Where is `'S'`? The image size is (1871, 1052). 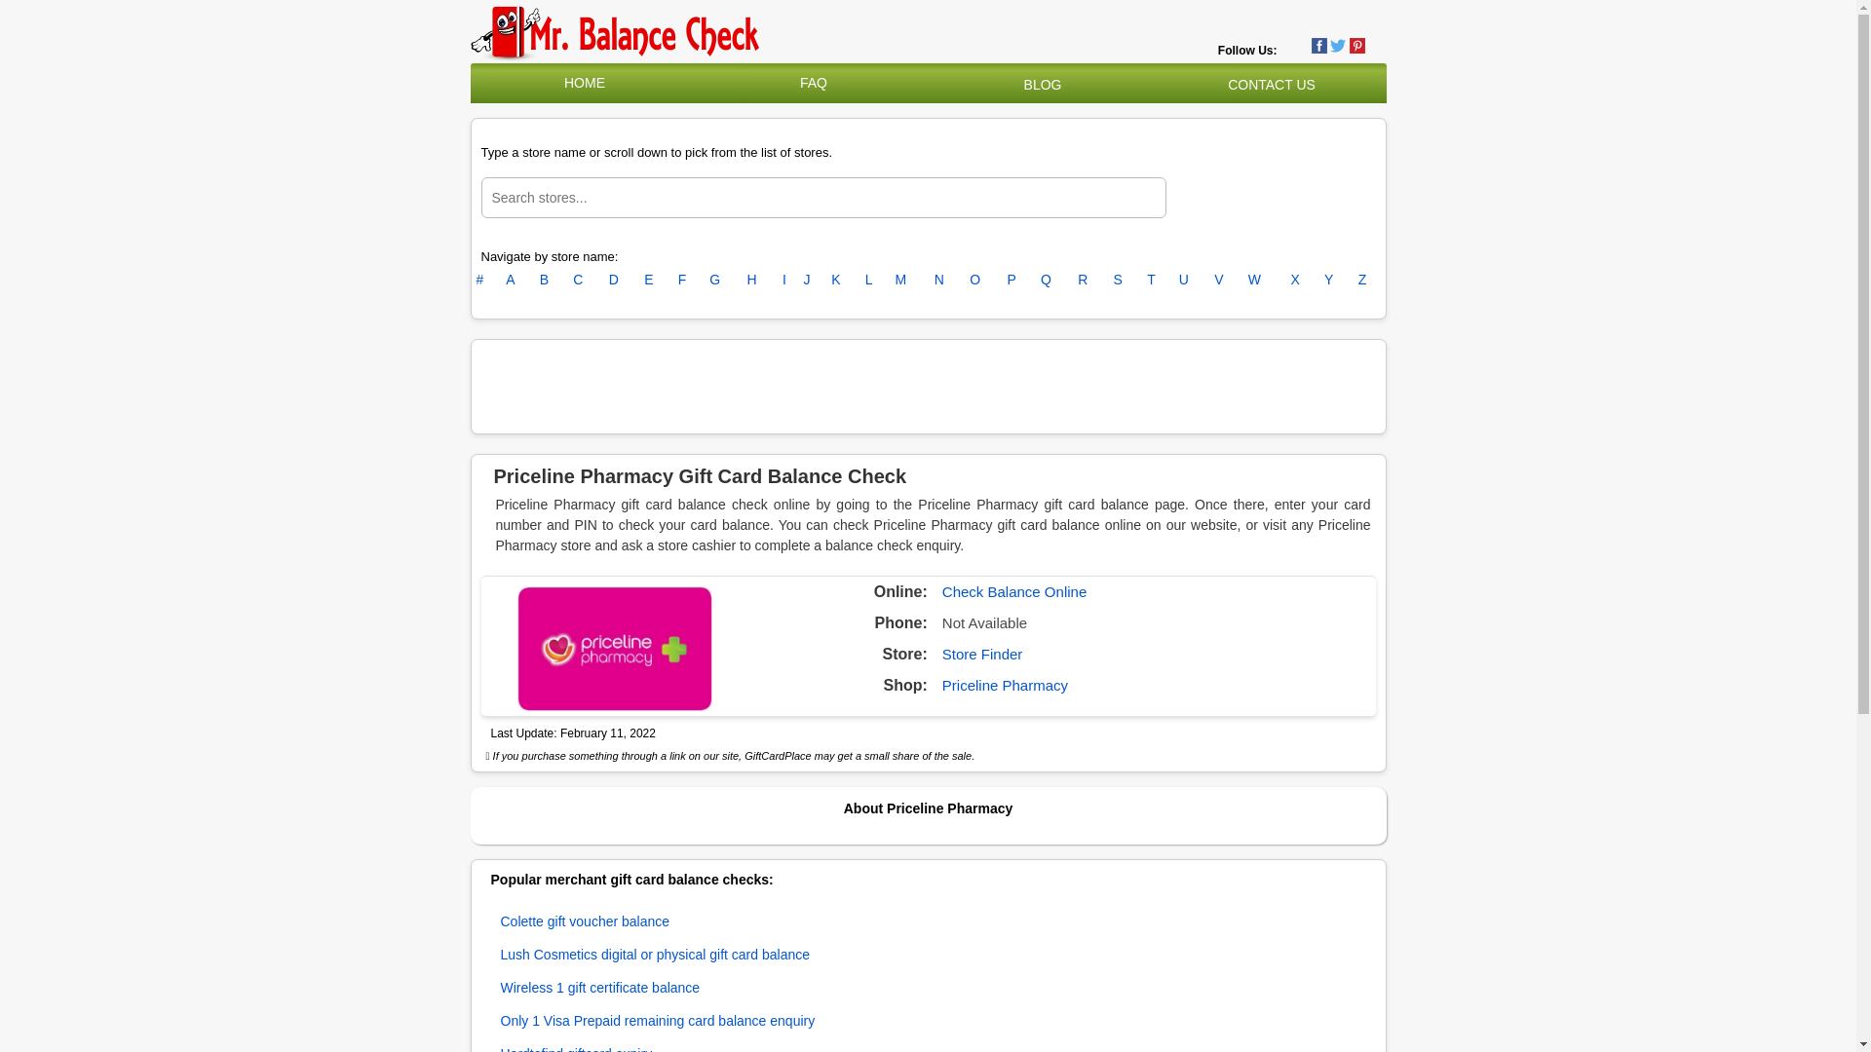 'S' is located at coordinates (1118, 279).